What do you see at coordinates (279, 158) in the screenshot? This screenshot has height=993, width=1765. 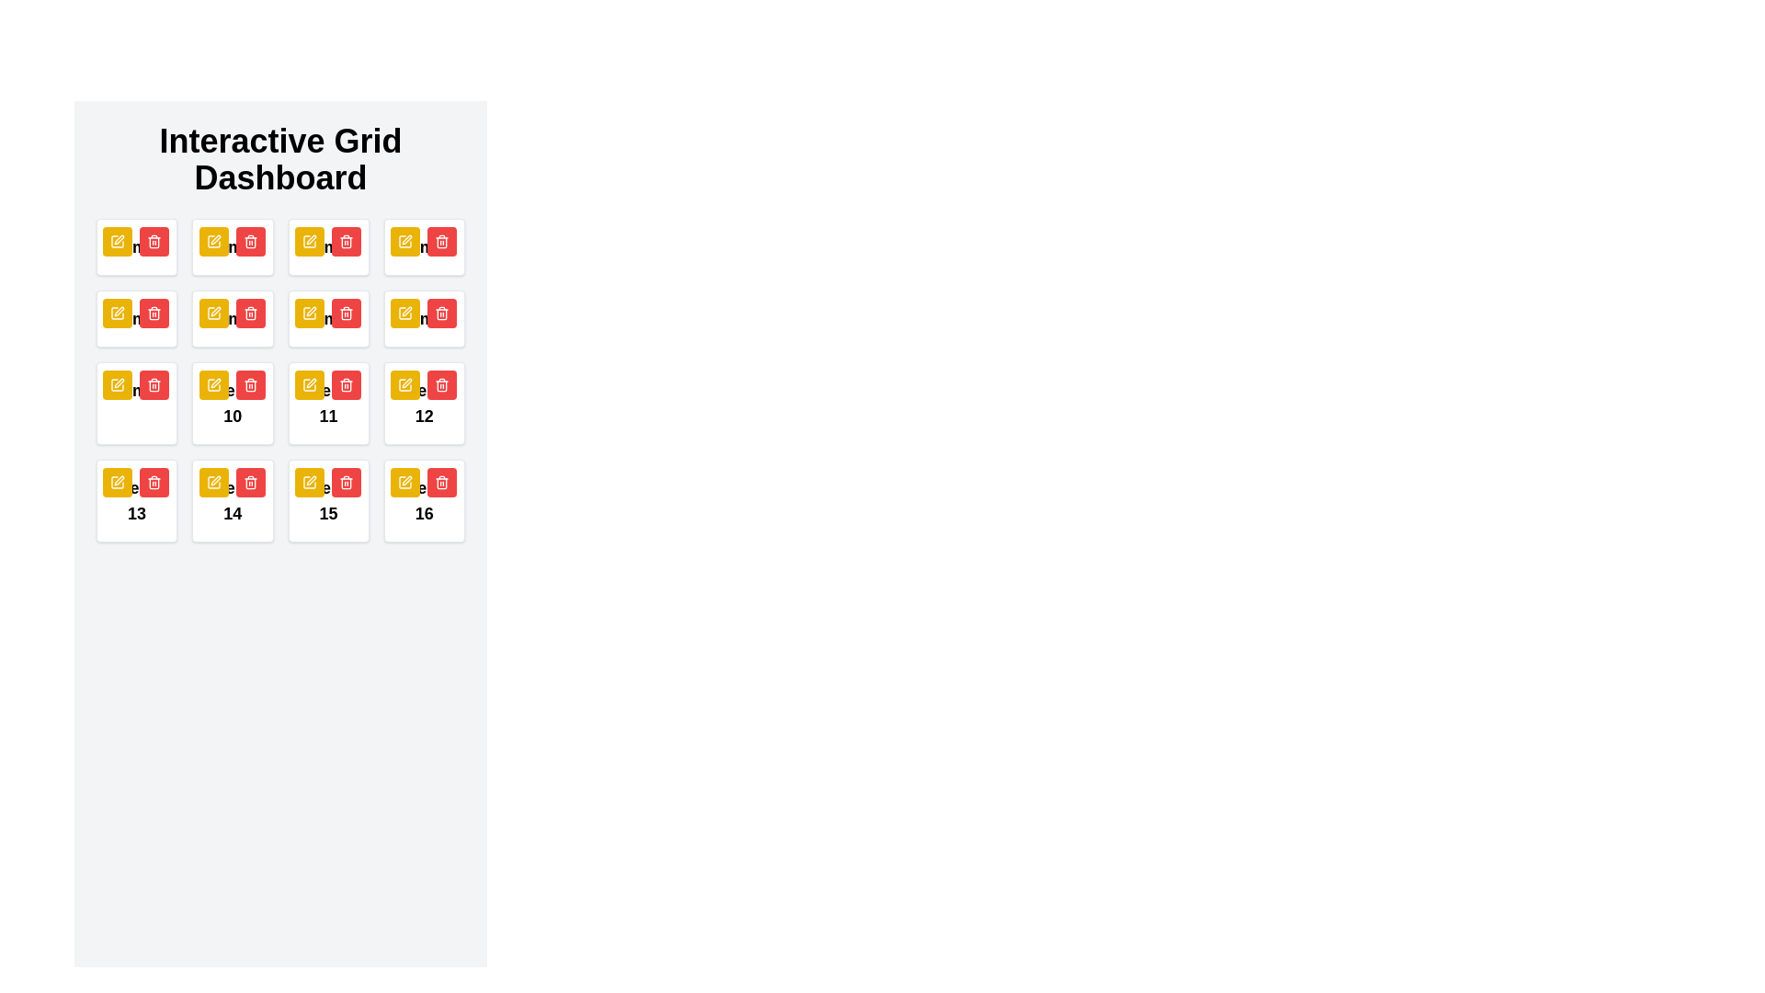 I see `the large, bold text label reading 'Interactive Grid Dashboard' located at the top center of the layout` at bounding box center [279, 158].